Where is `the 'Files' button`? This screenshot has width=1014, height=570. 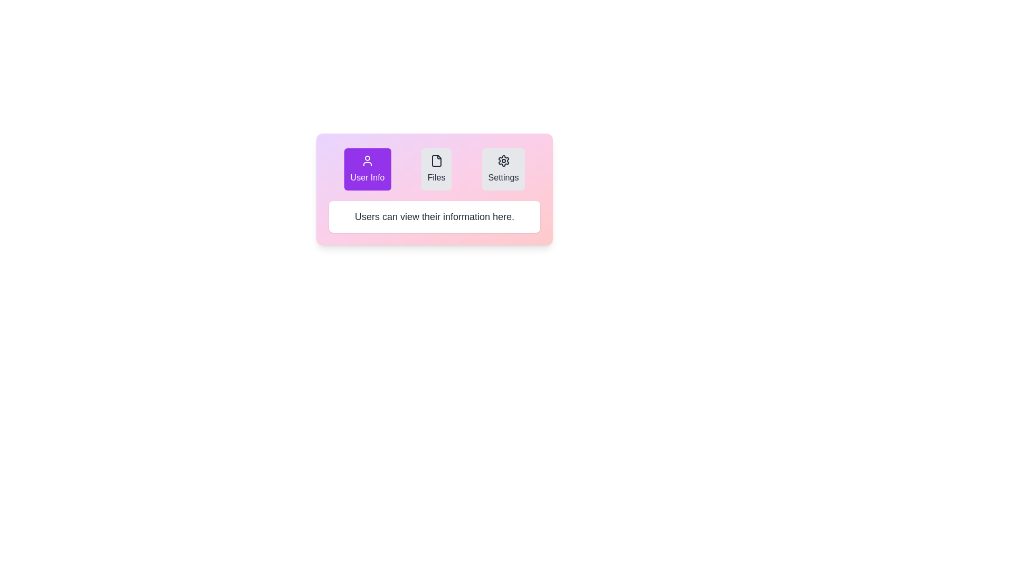
the 'Files' button is located at coordinates (434, 168).